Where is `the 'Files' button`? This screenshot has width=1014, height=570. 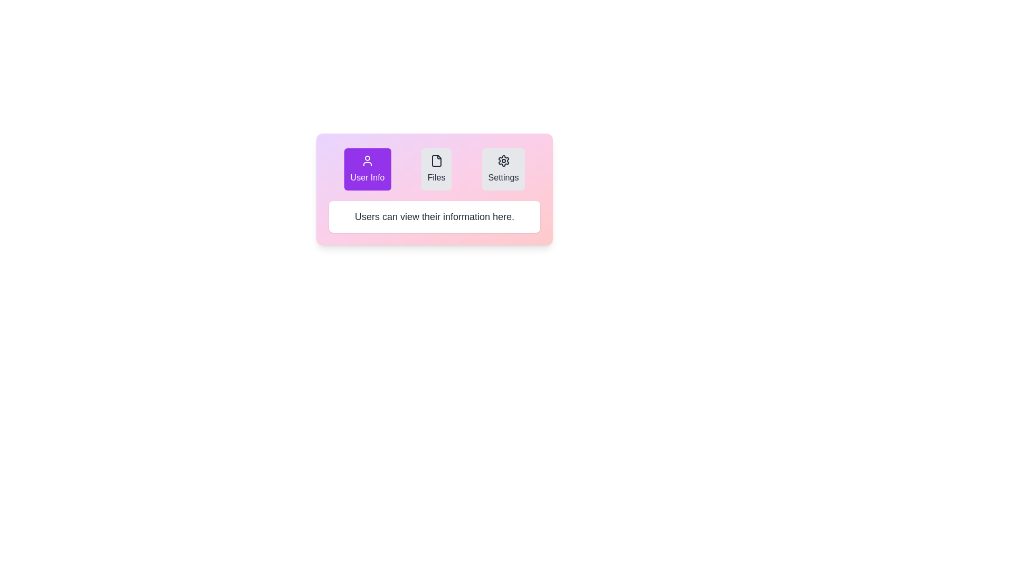
the 'Files' button is located at coordinates (434, 168).